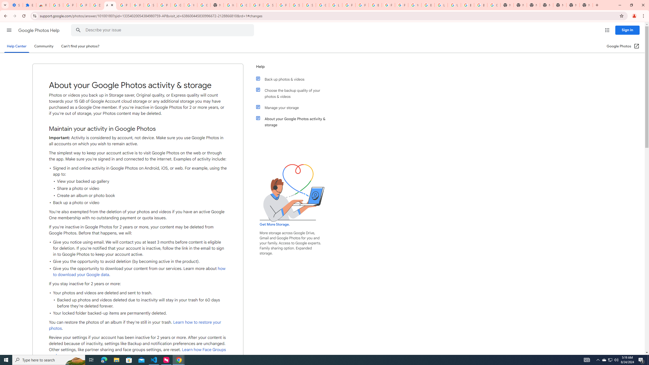  I want to click on 'Settings - On startup', so click(16, 5).